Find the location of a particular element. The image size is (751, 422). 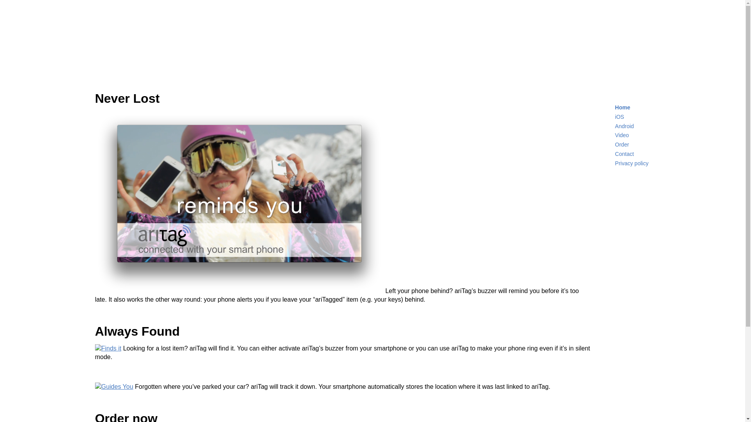

'Order' is located at coordinates (614, 145).